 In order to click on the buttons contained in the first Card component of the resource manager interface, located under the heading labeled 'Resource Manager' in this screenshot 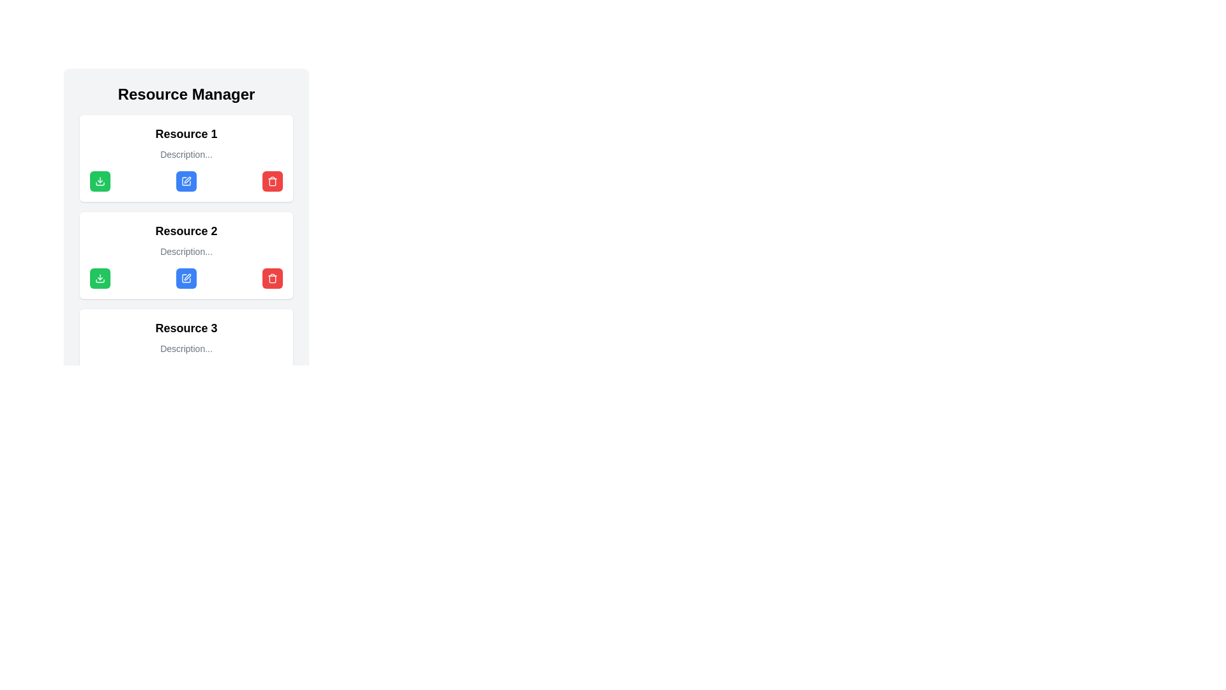, I will do `click(186, 157)`.